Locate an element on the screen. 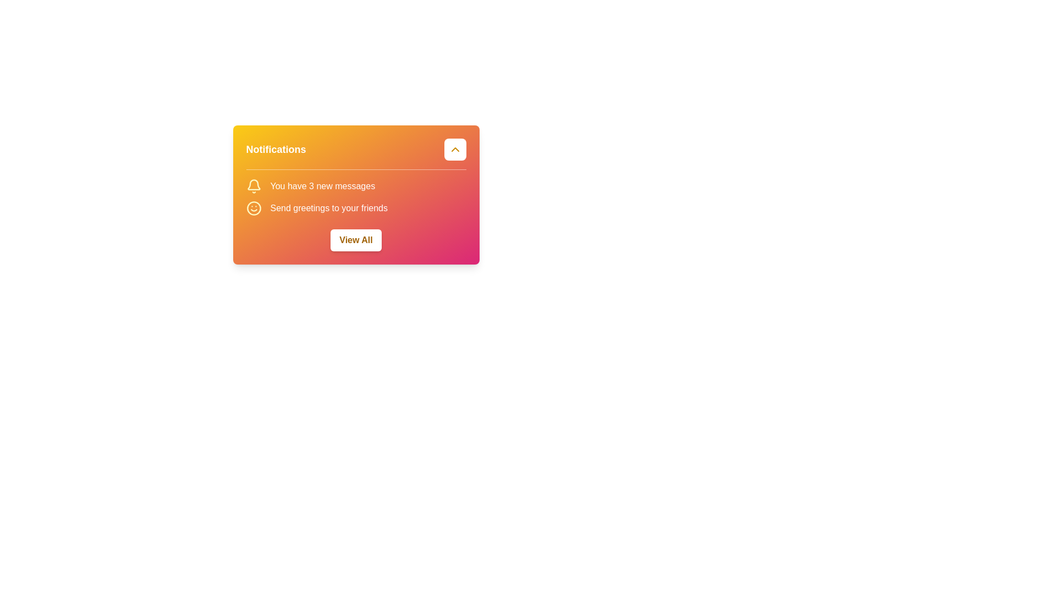 This screenshot has width=1056, height=594. the yellow circular smiley face icon located on the left side of the notification row, which contains the text 'Send greetings to your friends' is located at coordinates (253, 208).